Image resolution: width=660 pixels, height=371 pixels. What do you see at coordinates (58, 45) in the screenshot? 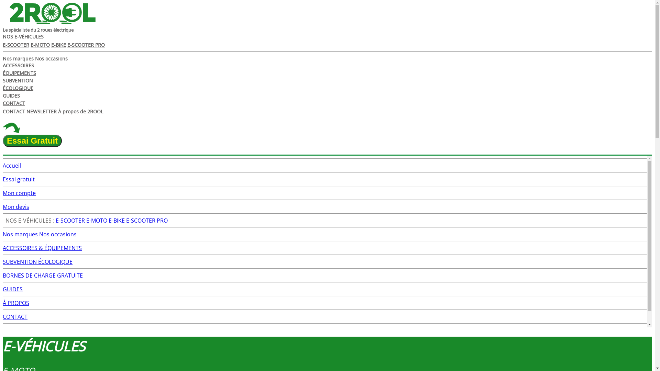
I see `'E-BIKE'` at bounding box center [58, 45].